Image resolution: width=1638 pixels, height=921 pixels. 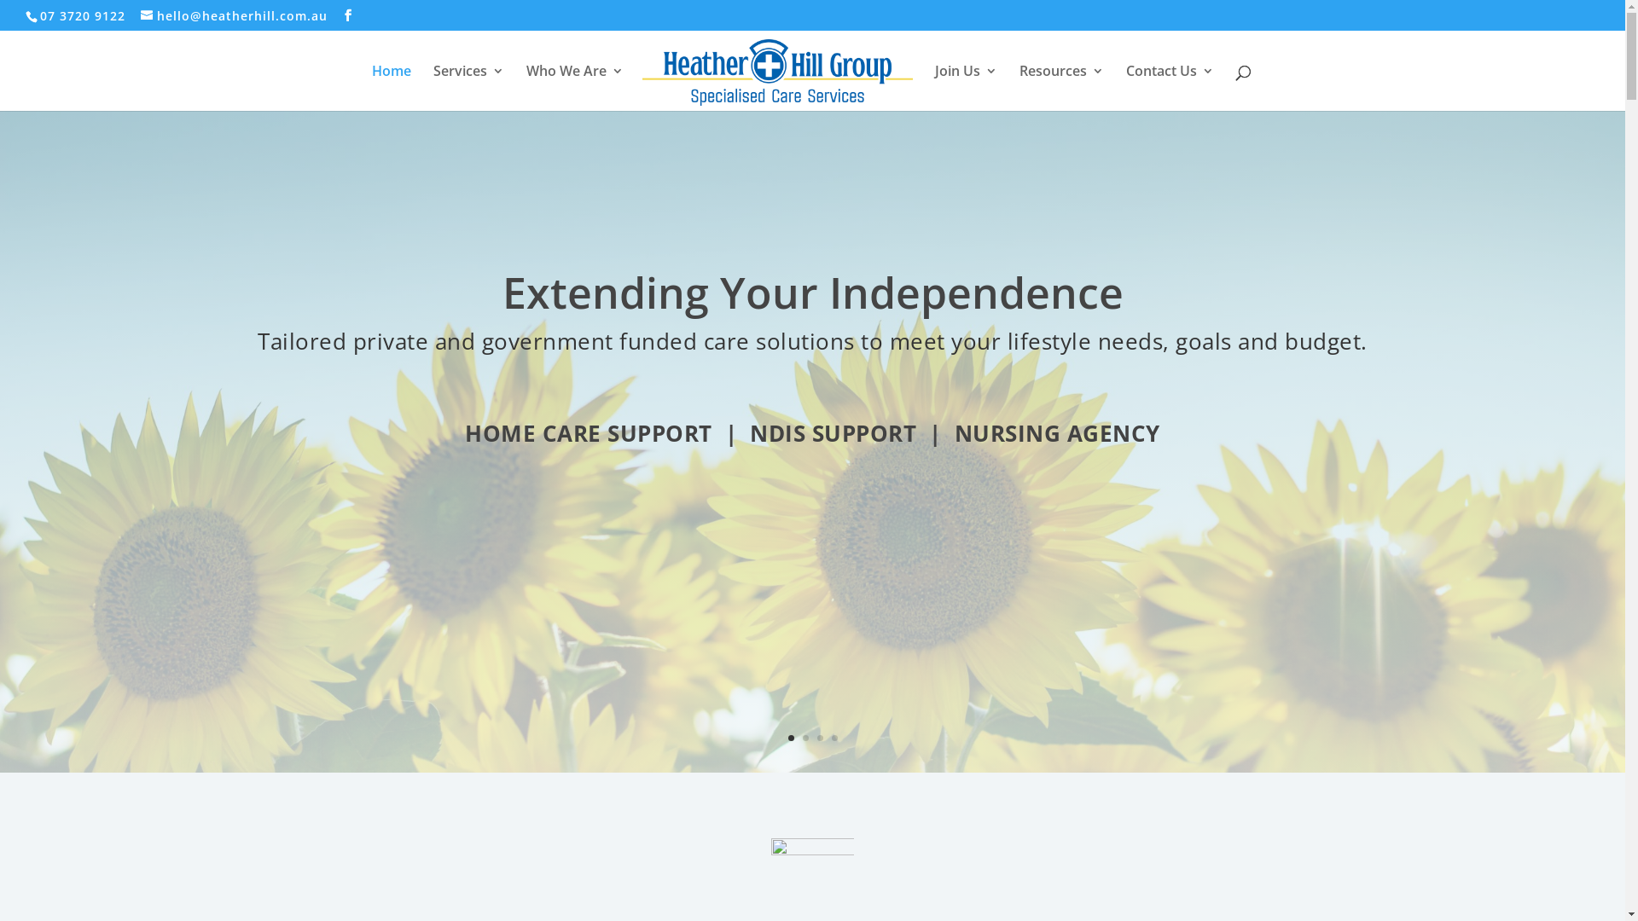 What do you see at coordinates (1056, 432) in the screenshot?
I see `'NURSING AGENCY'` at bounding box center [1056, 432].